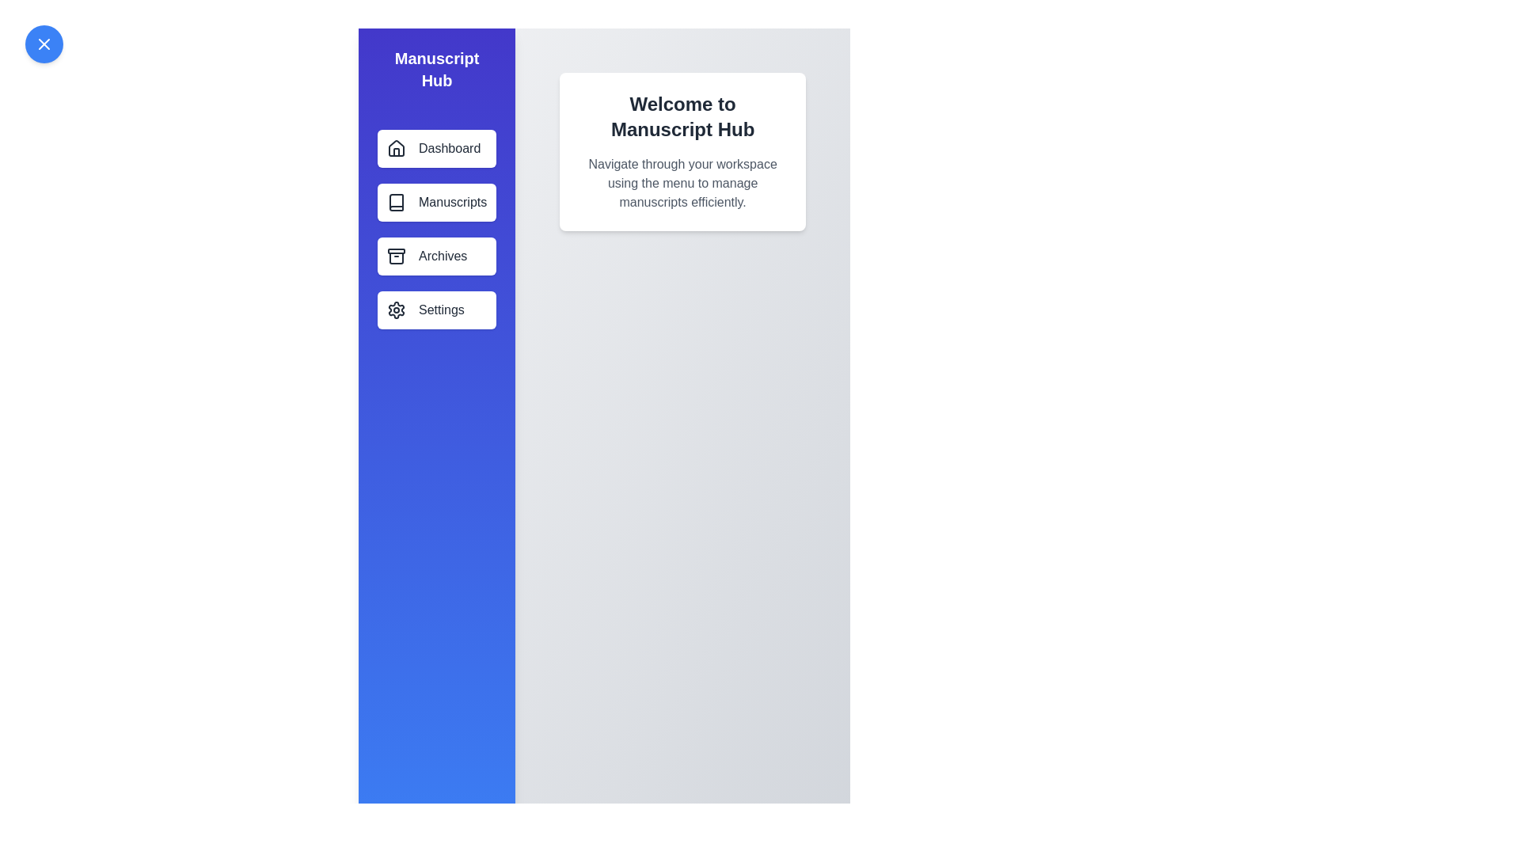 The height and width of the screenshot is (855, 1520). I want to click on the menu item labeled Settings, so click(437, 310).